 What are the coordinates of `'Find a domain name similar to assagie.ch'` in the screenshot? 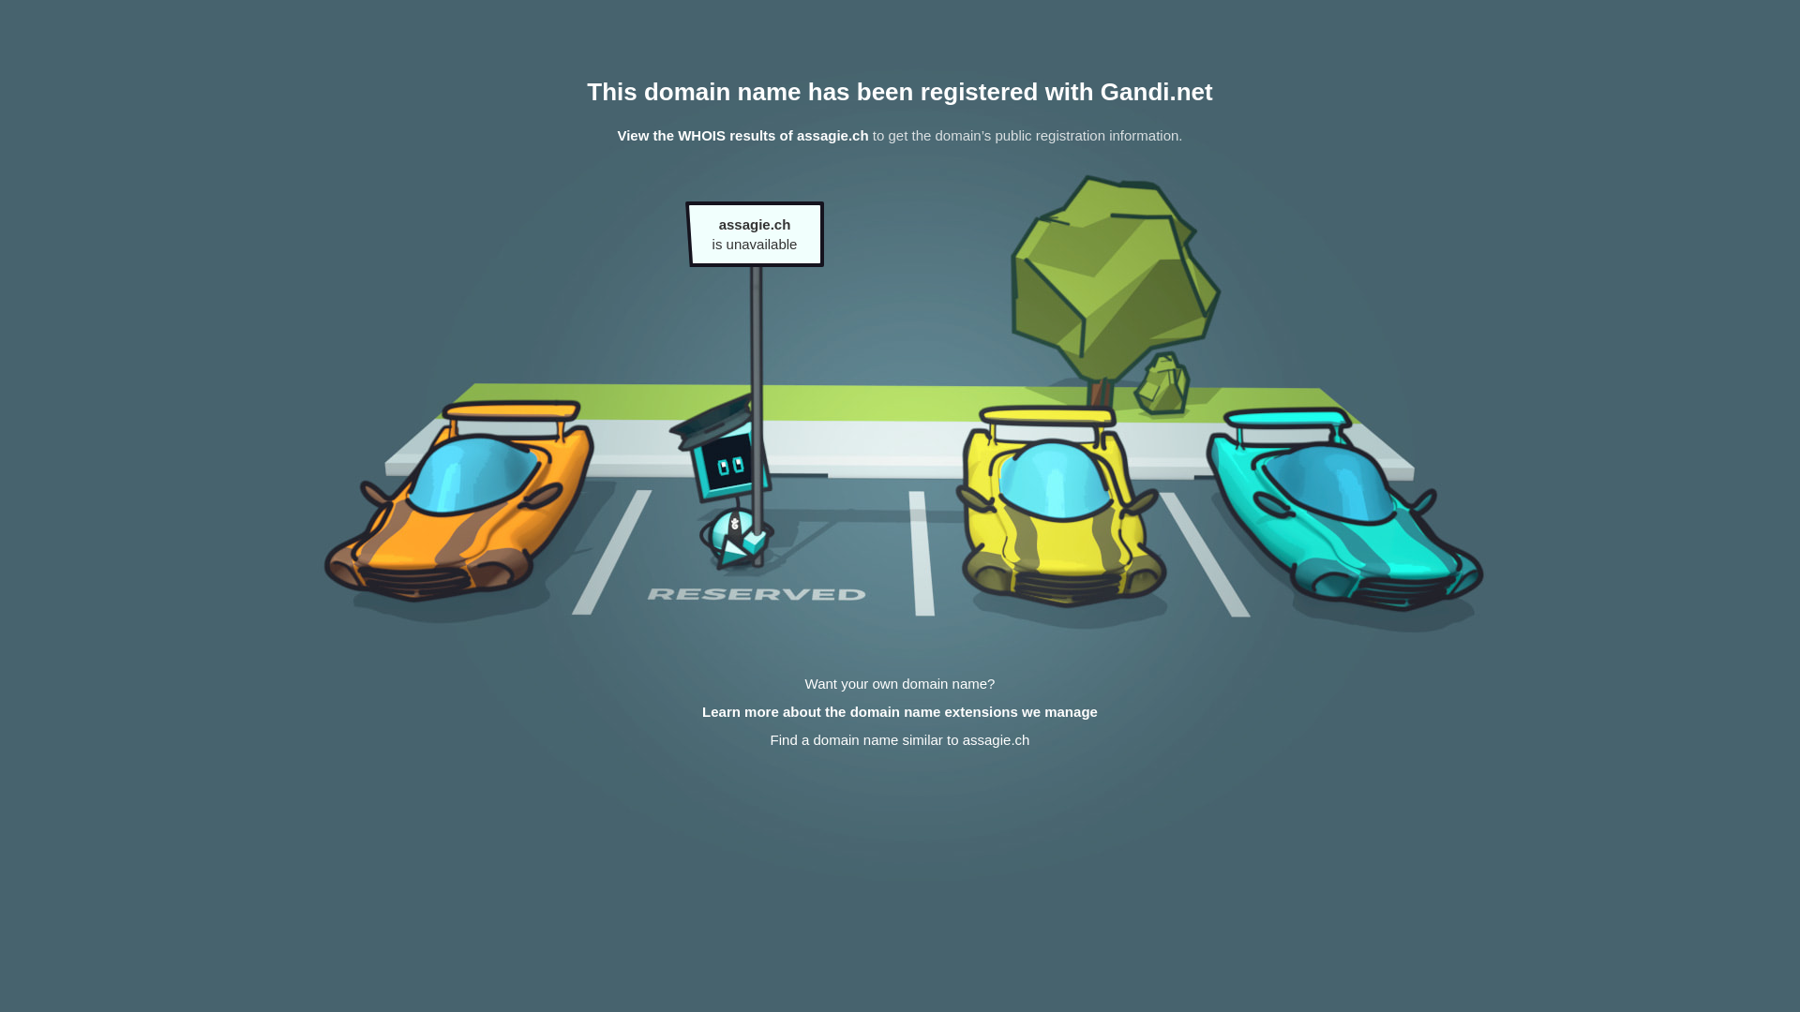 It's located at (900, 738).